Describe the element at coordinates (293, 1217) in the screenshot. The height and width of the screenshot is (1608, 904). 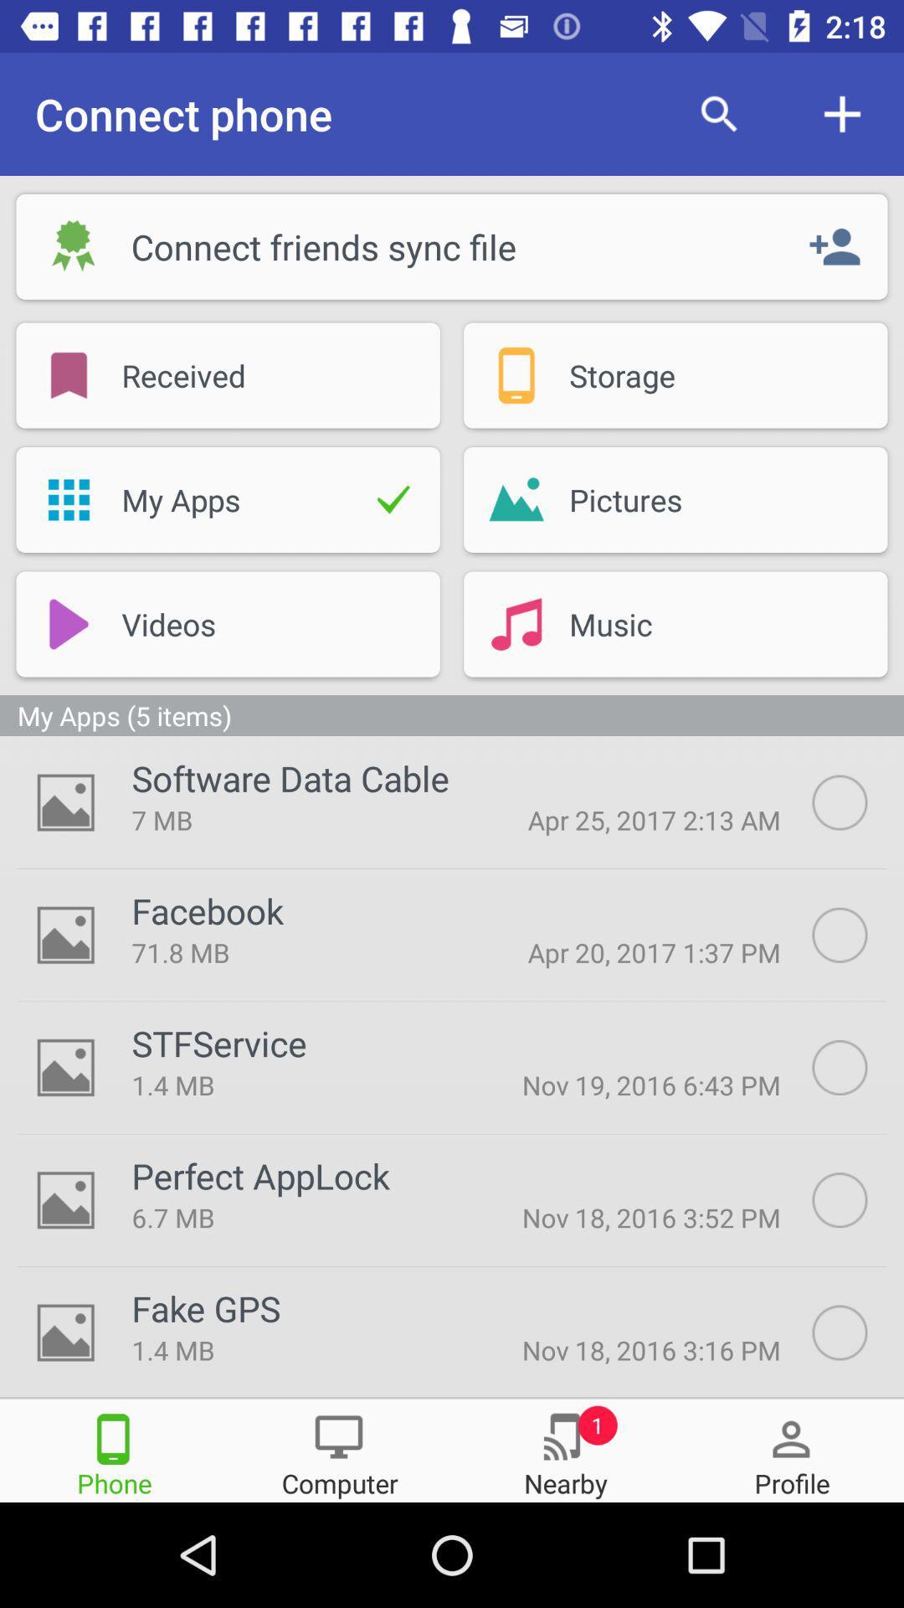
I see `item next to the nov 18 2016 icon` at that location.